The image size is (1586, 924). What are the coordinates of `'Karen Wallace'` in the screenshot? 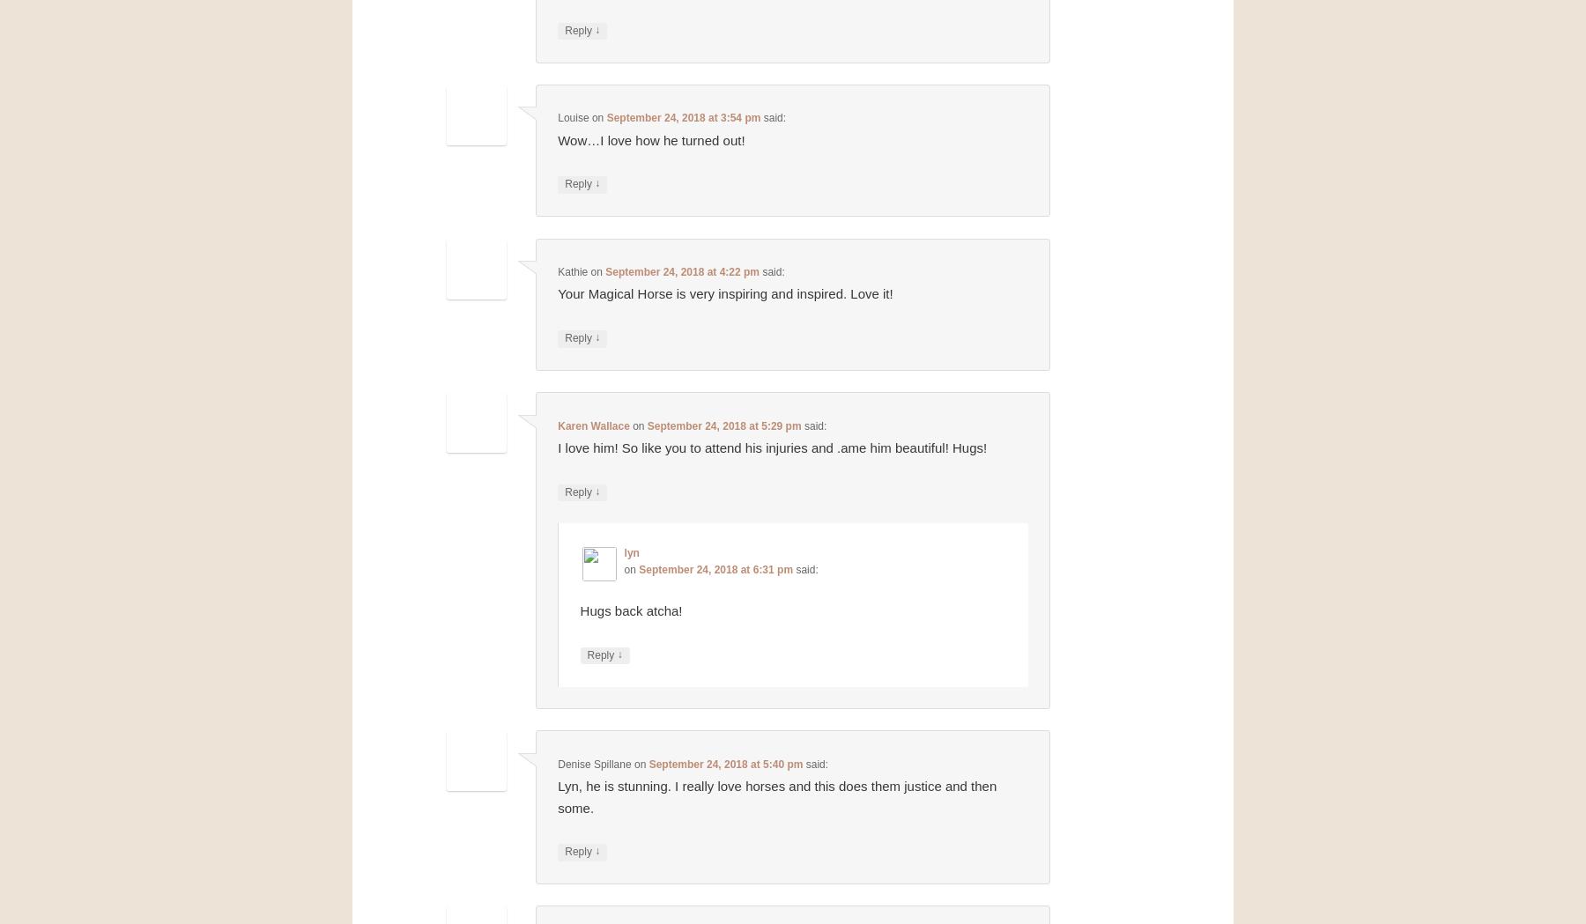 It's located at (593, 425).